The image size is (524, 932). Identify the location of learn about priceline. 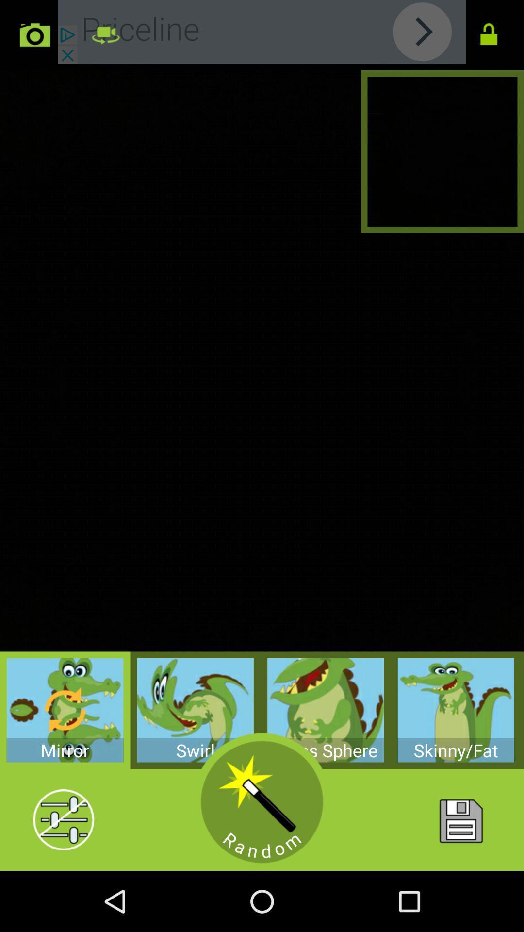
(262, 32).